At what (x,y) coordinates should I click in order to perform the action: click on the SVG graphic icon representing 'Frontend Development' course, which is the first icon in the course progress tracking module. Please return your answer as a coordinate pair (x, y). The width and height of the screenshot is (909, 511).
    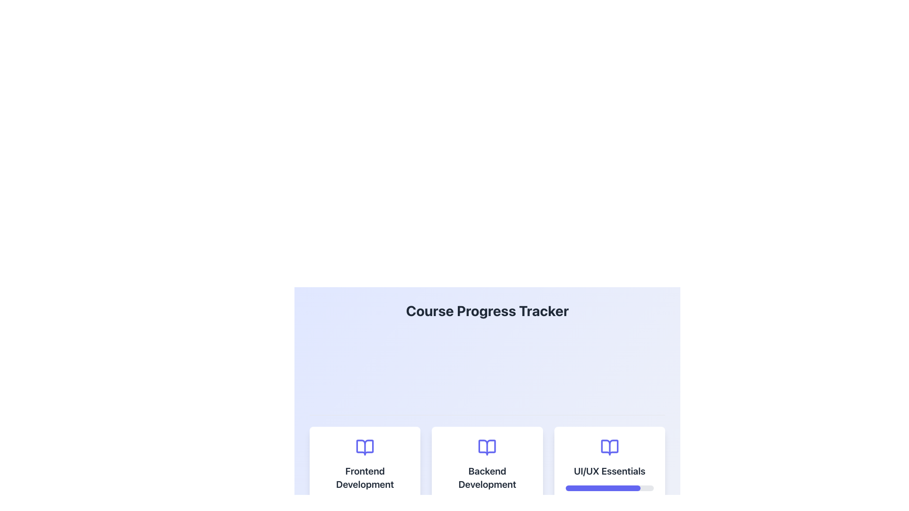
    Looking at the image, I should click on (365, 447).